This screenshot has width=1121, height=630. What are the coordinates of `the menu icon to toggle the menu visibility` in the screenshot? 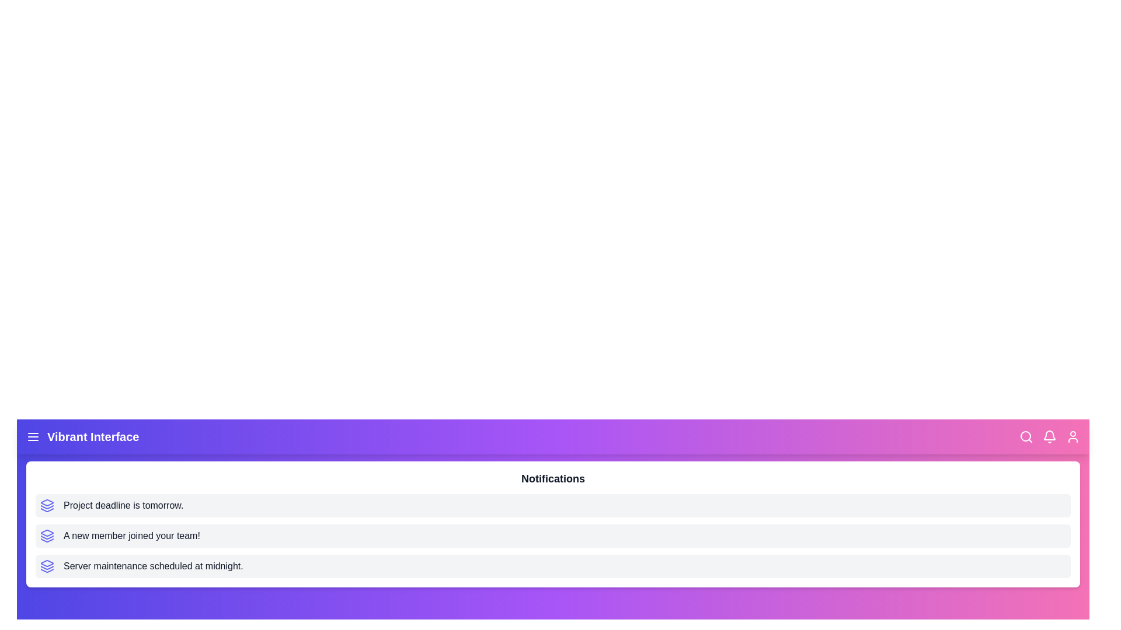 It's located at (33, 436).